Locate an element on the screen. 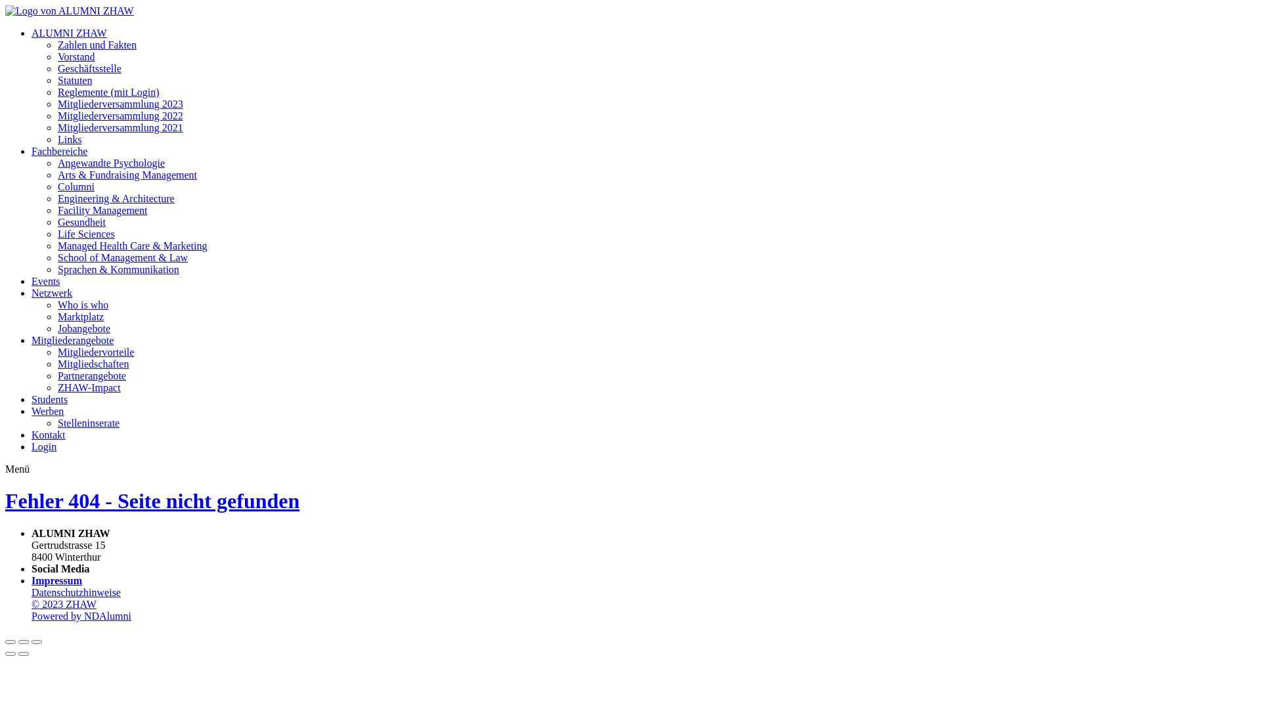  'Mitgliederversammlung 2021' is located at coordinates (56, 127).